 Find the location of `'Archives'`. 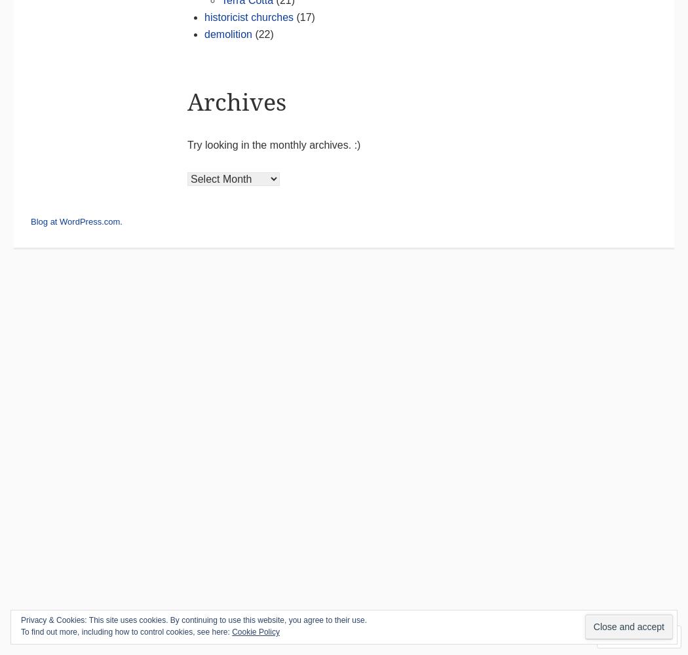

'Archives' is located at coordinates (236, 102).